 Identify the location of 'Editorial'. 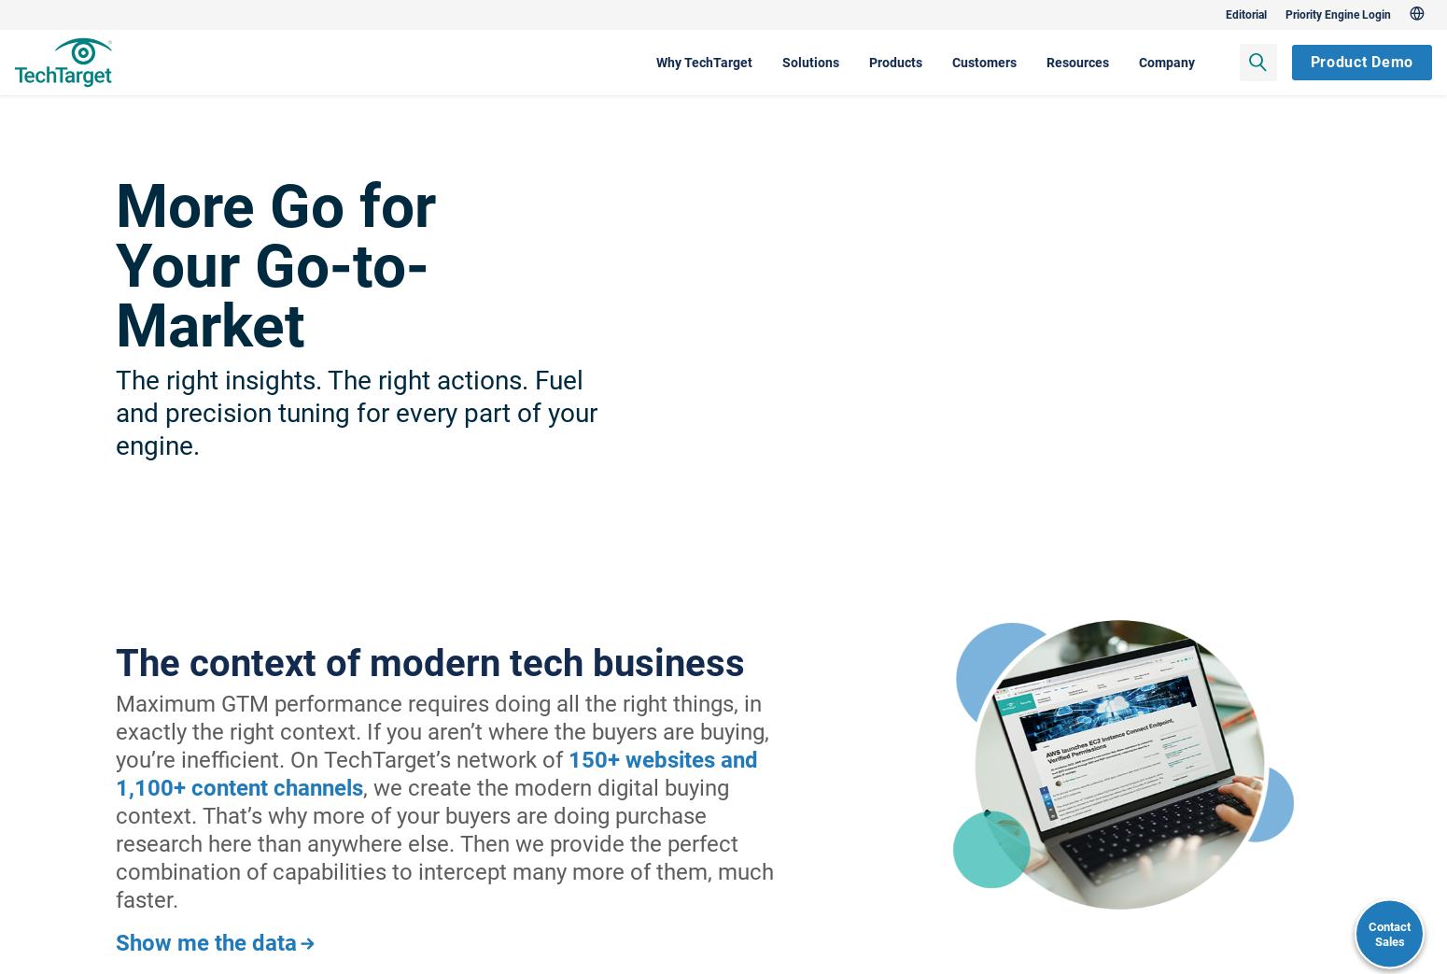
(1124, 13).